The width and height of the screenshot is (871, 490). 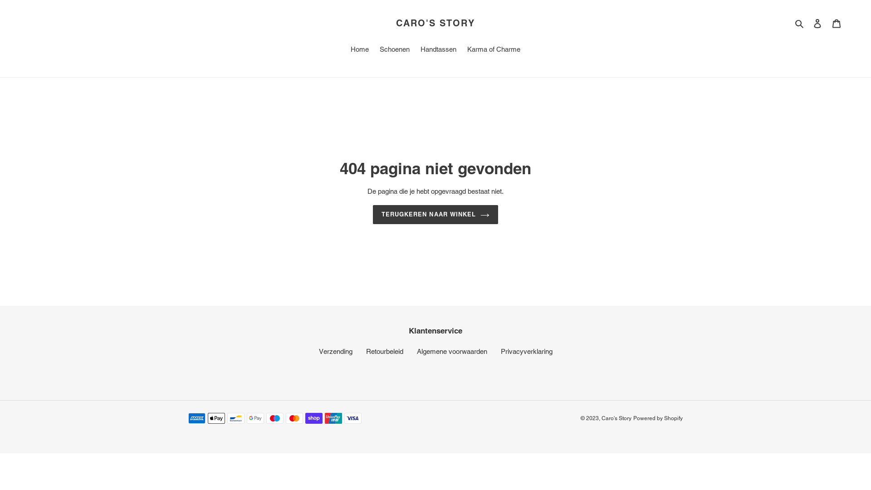 I want to click on 'Winkelwagen', so click(x=836, y=23).